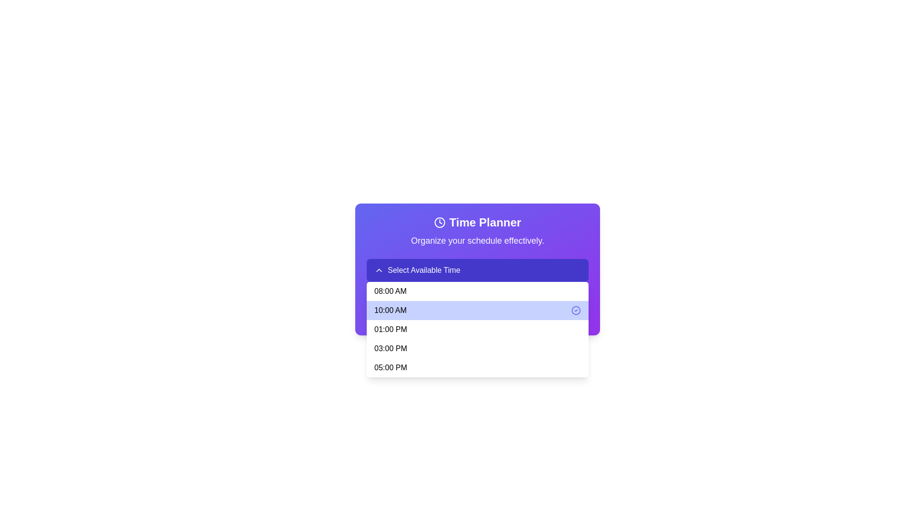 The image size is (918, 516). I want to click on the highlighted time option '10:00 AM' in the dropdown menu labeled 'Select Available Time', so click(477, 270).